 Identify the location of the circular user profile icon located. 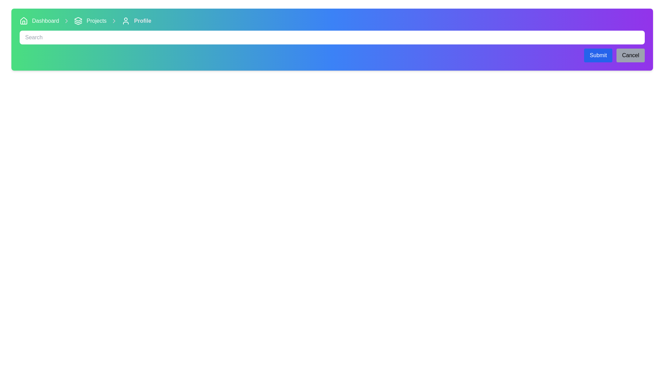
(126, 21).